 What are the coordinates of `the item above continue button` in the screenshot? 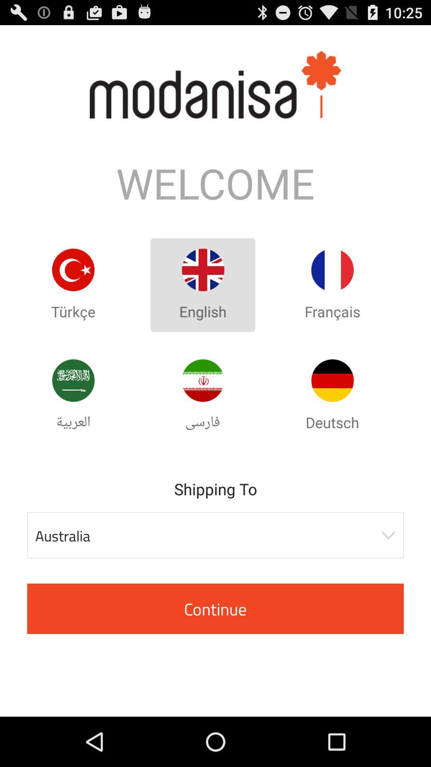 It's located at (215, 535).